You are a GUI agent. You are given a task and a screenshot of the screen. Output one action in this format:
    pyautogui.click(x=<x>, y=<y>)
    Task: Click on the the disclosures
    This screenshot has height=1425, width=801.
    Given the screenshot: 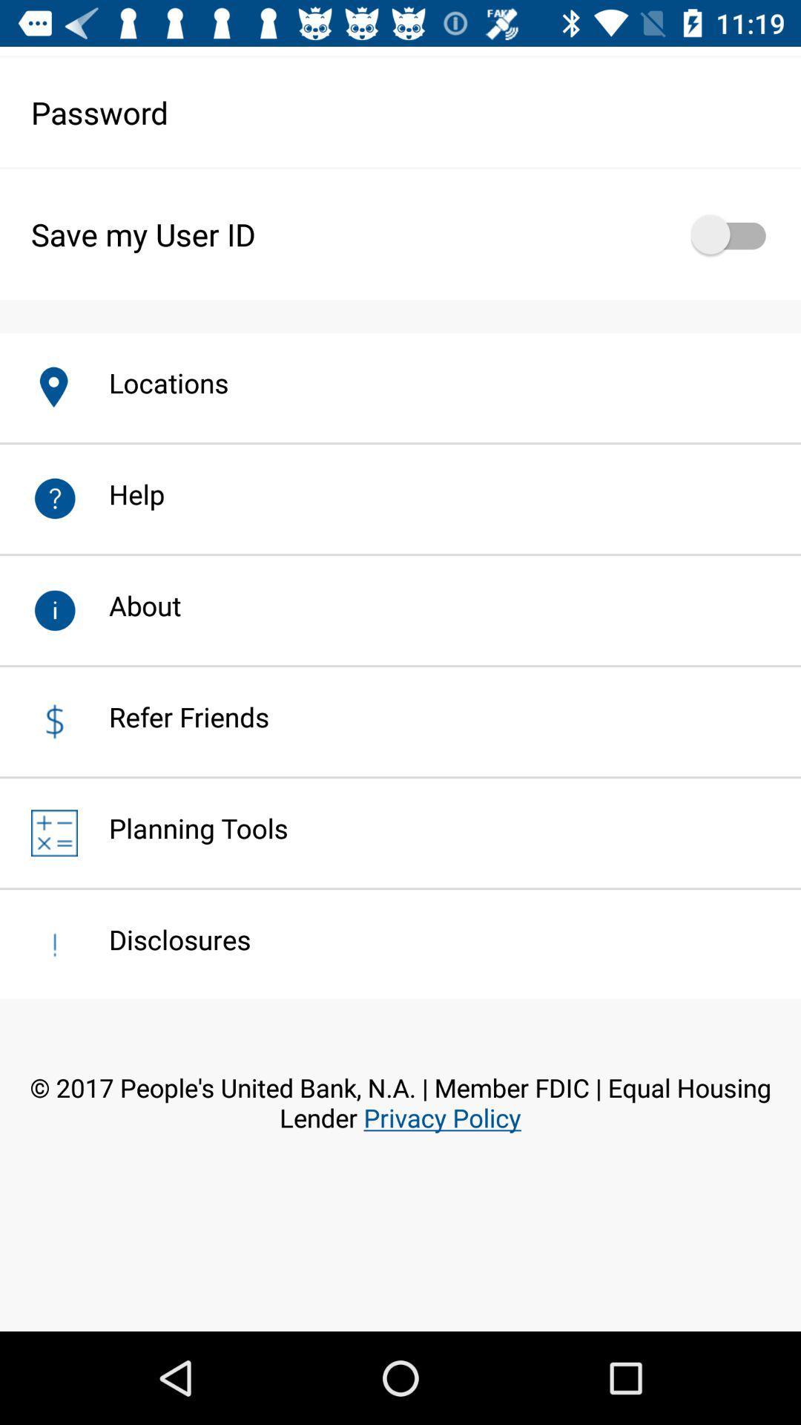 What is the action you would take?
    pyautogui.click(x=164, y=939)
    